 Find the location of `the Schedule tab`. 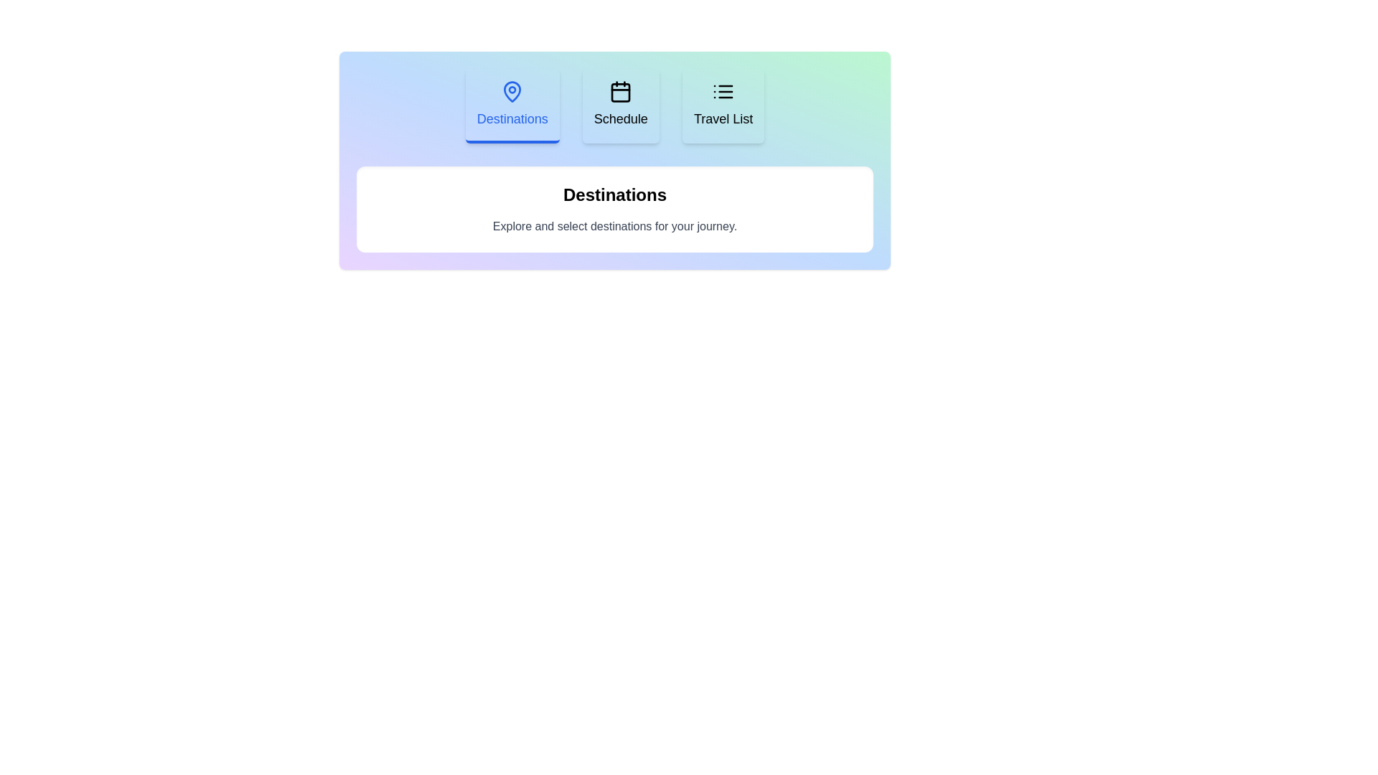

the Schedule tab is located at coordinates (620, 105).